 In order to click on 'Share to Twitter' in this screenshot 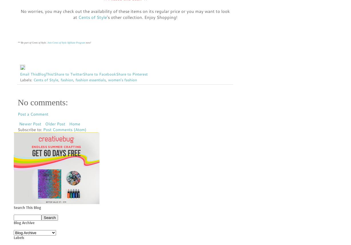, I will do `click(68, 74)`.